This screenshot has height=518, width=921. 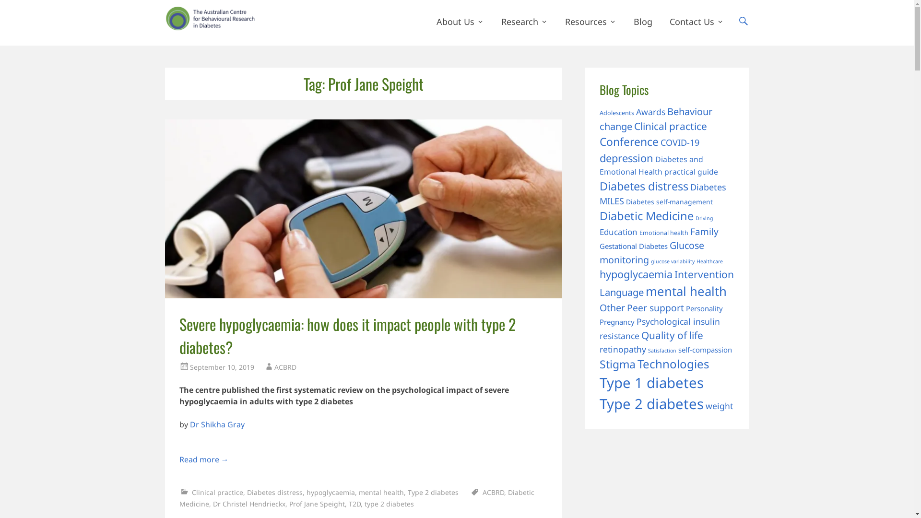 What do you see at coordinates (389, 503) in the screenshot?
I see `'type 2 diabetes'` at bounding box center [389, 503].